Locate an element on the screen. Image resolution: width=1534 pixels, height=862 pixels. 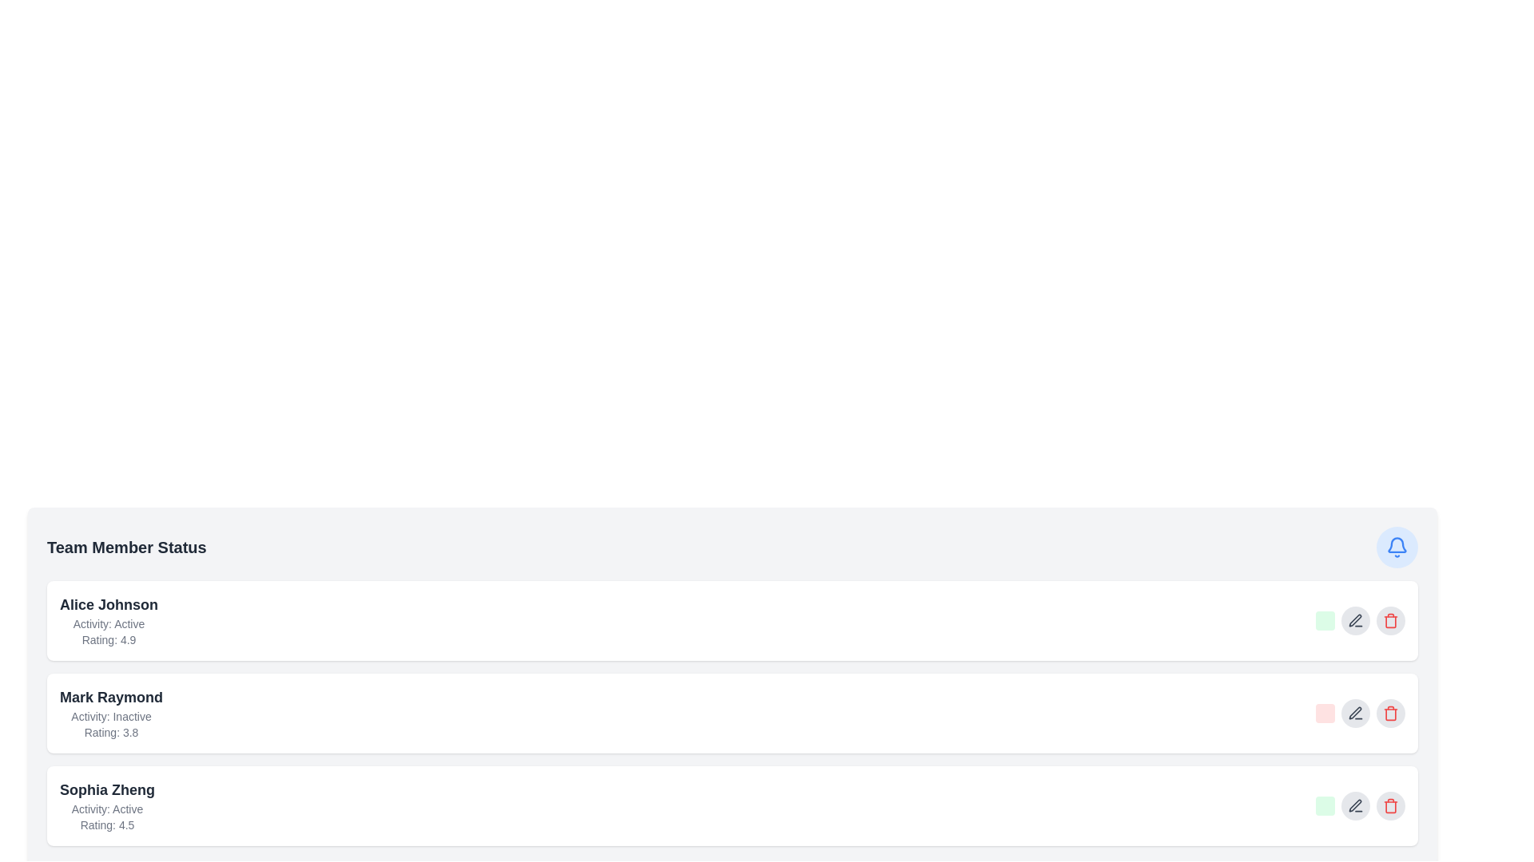
the dark gray stylized pen icon located in the second row of the 'Team Member Status' section for accessibility navigation is located at coordinates (1354, 619).